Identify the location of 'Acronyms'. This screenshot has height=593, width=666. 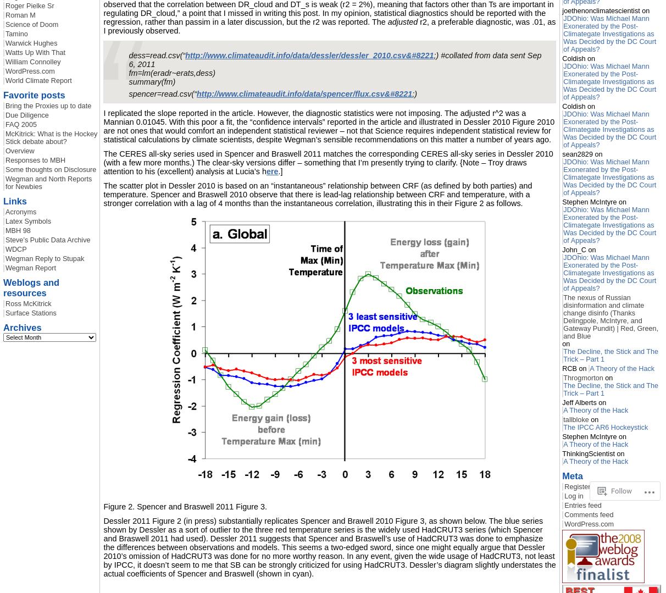
(20, 211).